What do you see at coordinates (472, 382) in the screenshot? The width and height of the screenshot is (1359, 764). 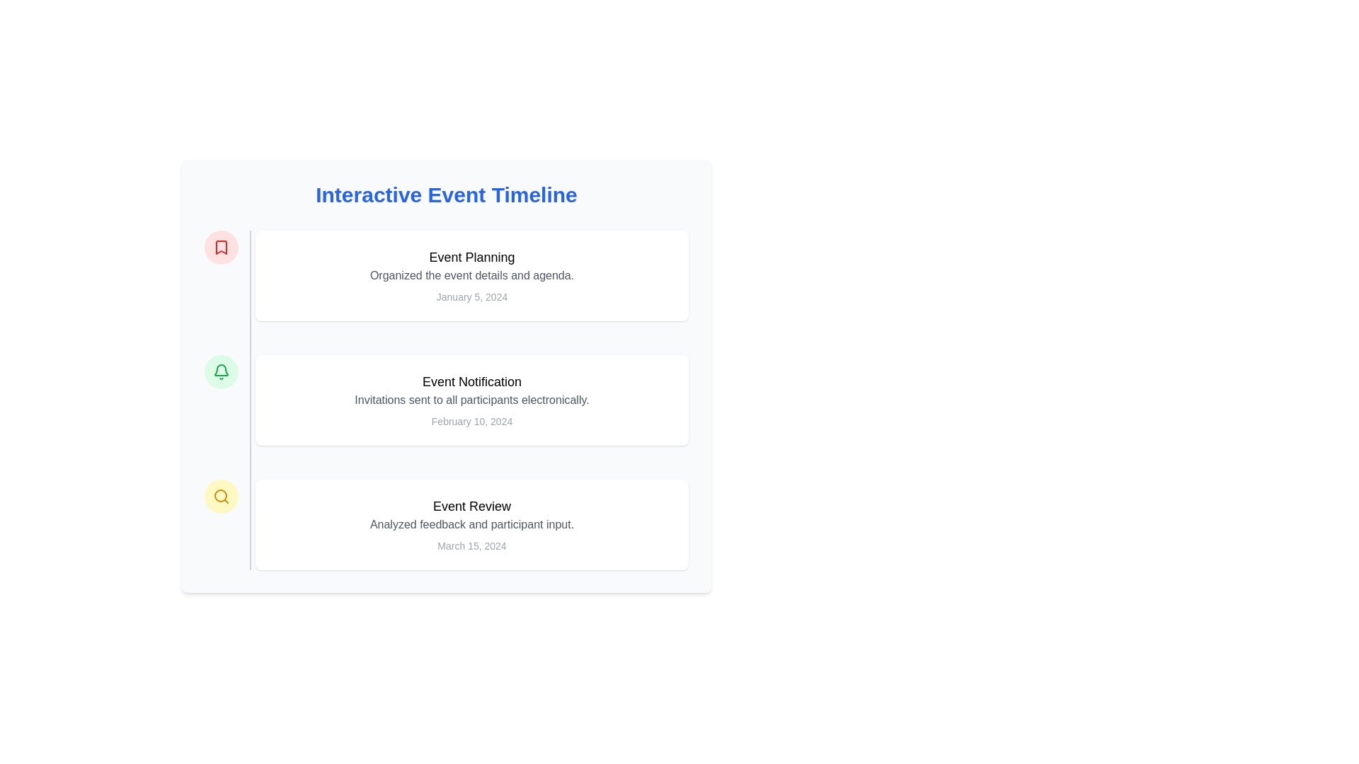 I see `the 'Event Notification' static text header located in the second entry of the timeline list, which is styled in bold and medium-sized font within a rectangular card` at bounding box center [472, 382].